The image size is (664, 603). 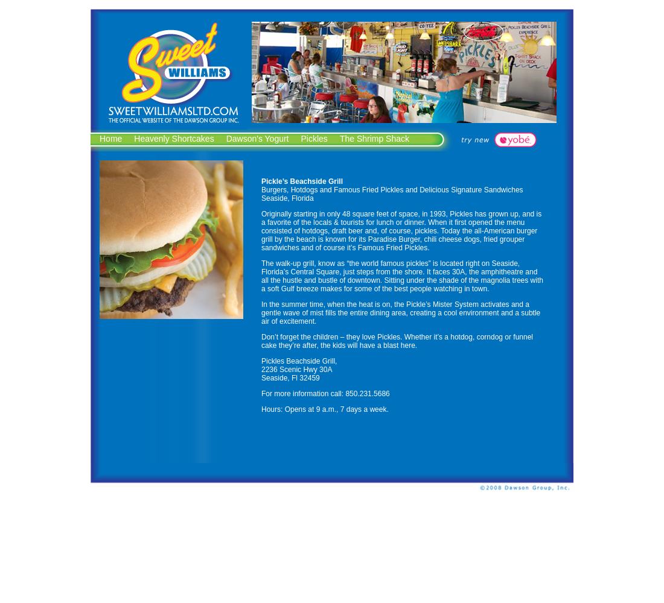 What do you see at coordinates (260, 361) in the screenshot?
I see `'Pickles Beachside Grill,'` at bounding box center [260, 361].